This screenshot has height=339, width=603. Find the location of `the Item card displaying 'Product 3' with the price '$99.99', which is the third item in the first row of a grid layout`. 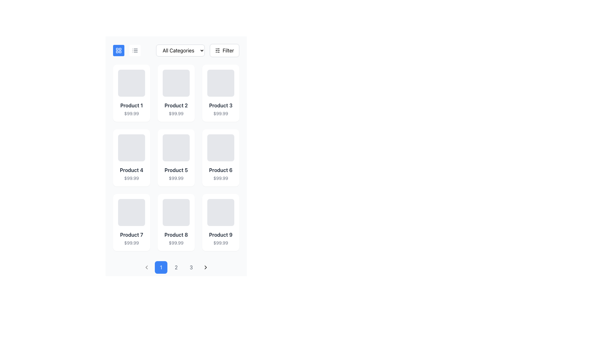

the Item card displaying 'Product 3' with the price '$99.99', which is the third item in the first row of a grid layout is located at coordinates (220, 93).